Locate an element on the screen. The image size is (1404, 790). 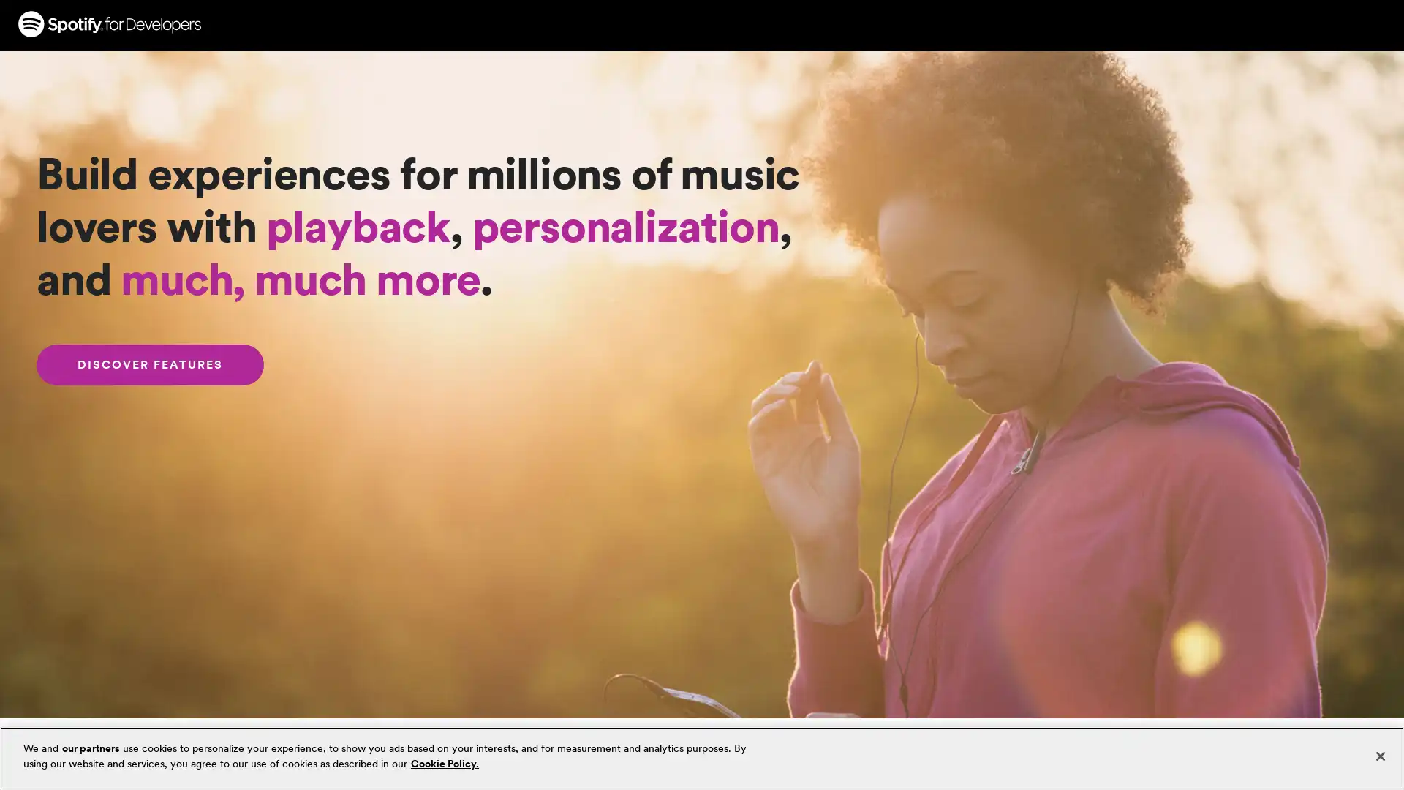
Close is located at coordinates (1379, 756).